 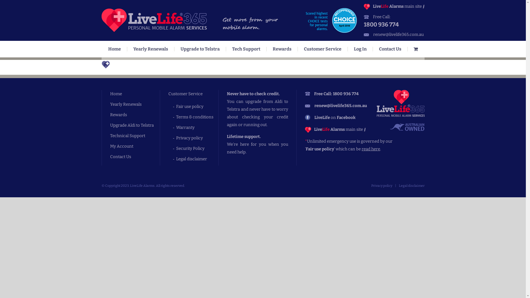 What do you see at coordinates (114, 49) in the screenshot?
I see `'Home'` at bounding box center [114, 49].